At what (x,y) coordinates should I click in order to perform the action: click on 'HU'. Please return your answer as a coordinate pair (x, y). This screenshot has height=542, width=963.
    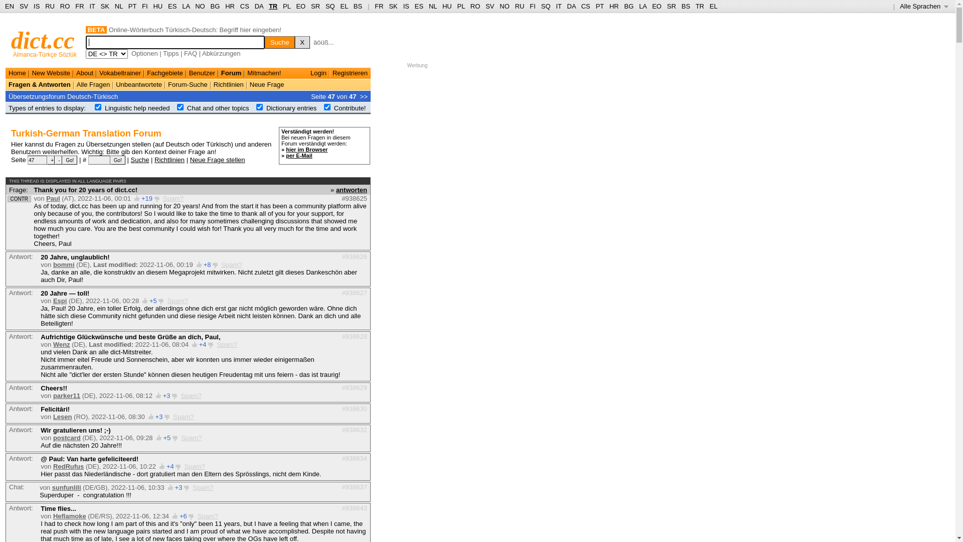
    Looking at the image, I should click on (446, 6).